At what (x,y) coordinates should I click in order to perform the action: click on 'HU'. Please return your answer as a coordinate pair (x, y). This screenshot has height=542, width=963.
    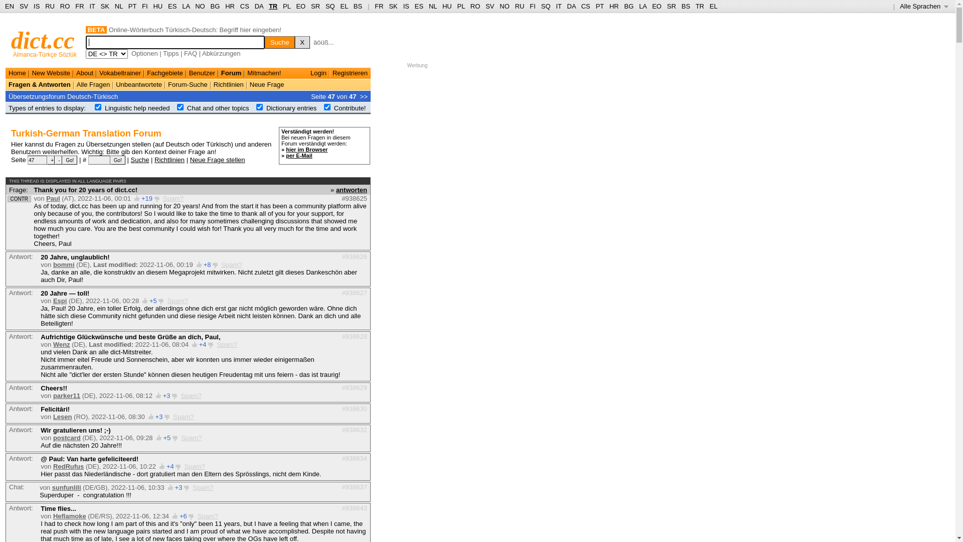
    Looking at the image, I should click on (446, 6).